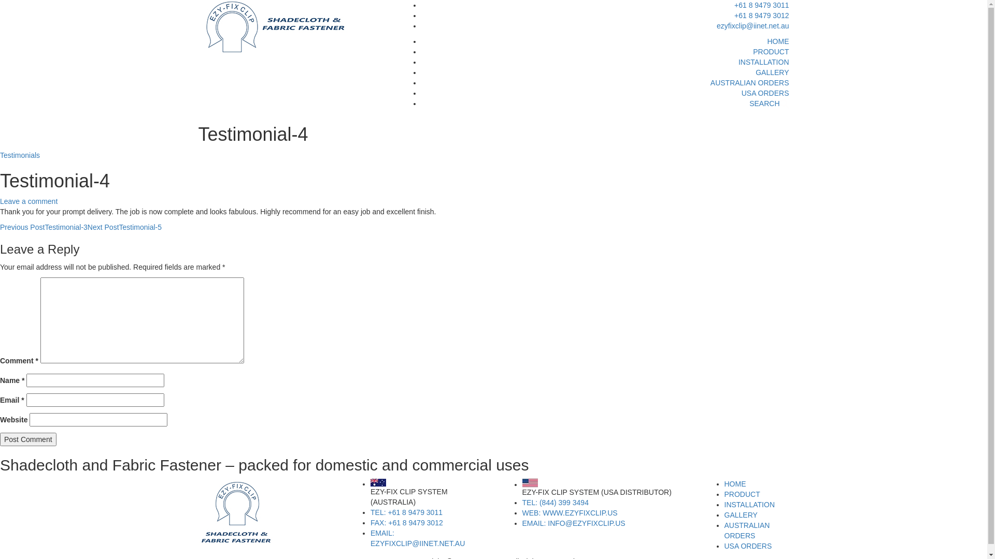 Image resolution: width=995 pixels, height=559 pixels. Describe the element at coordinates (569, 513) in the screenshot. I see `'WEB: WWW.EZYFIXCLIP.US'` at that location.